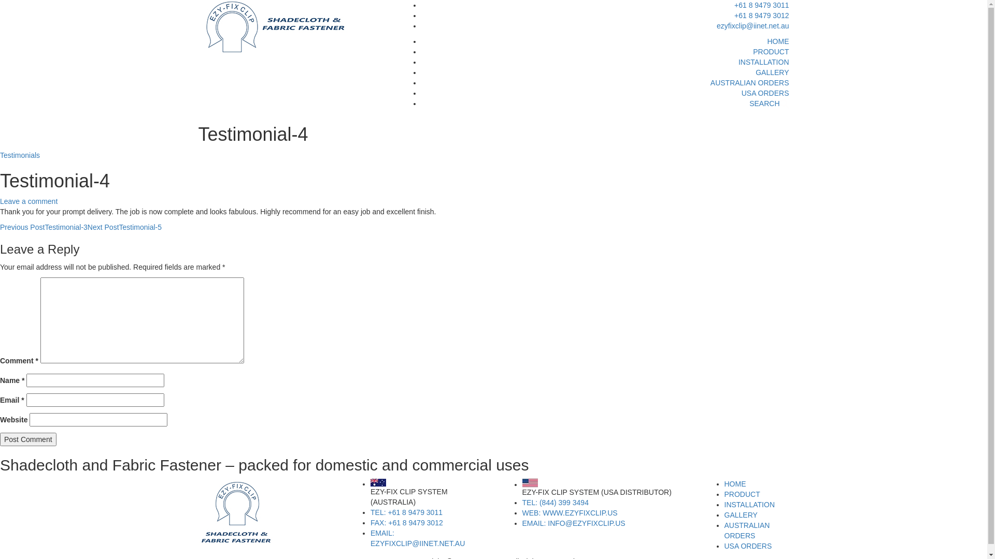 Image resolution: width=995 pixels, height=559 pixels. Describe the element at coordinates (569, 513) in the screenshot. I see `'WEB: WWW.EZYFIXCLIP.US'` at that location.